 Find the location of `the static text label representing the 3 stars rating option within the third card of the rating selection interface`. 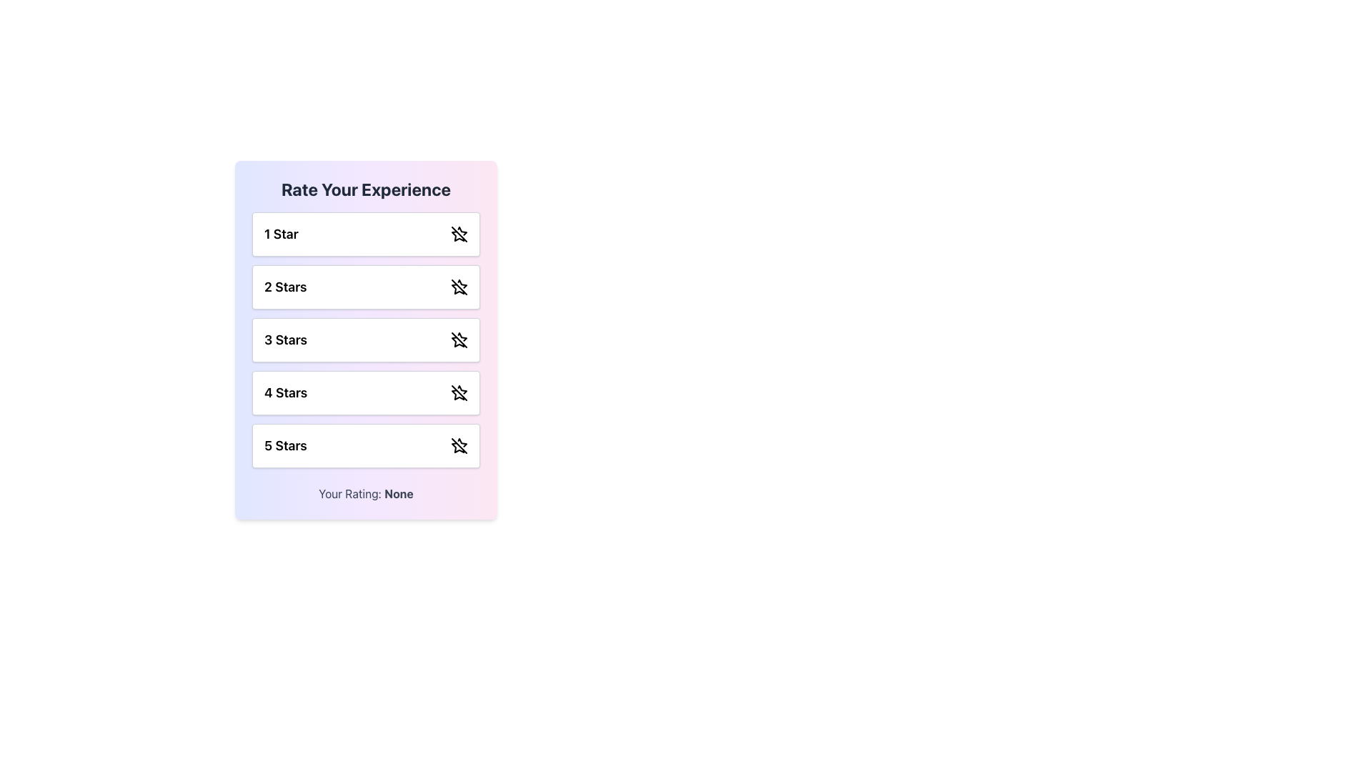

the static text label representing the 3 stars rating option within the third card of the rating selection interface is located at coordinates (285, 340).